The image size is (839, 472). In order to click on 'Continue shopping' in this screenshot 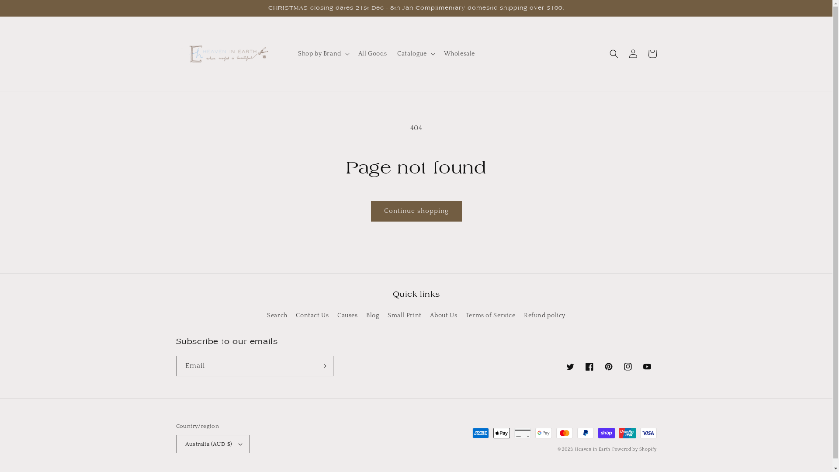, I will do `click(371, 211)`.